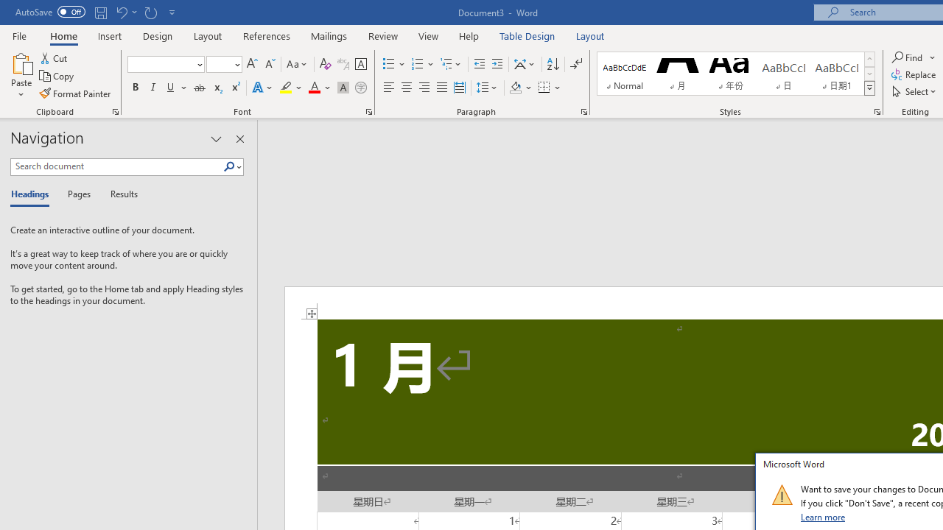  Describe the element at coordinates (121, 12) in the screenshot. I see `'Undo Apply Quick Style'` at that location.